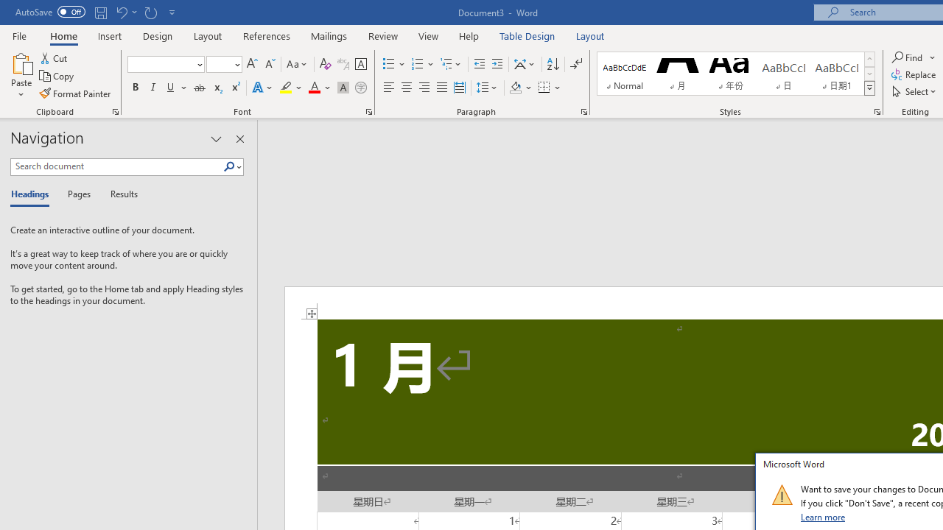  Describe the element at coordinates (121, 12) in the screenshot. I see `'Undo Apply Quick Style'` at that location.